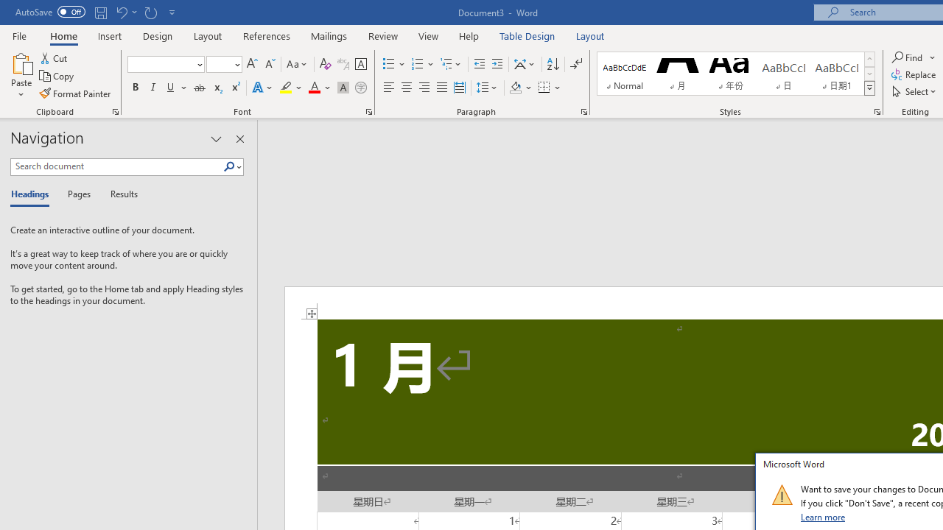  Describe the element at coordinates (121, 12) in the screenshot. I see `'Undo Apply Quick Style'` at that location.